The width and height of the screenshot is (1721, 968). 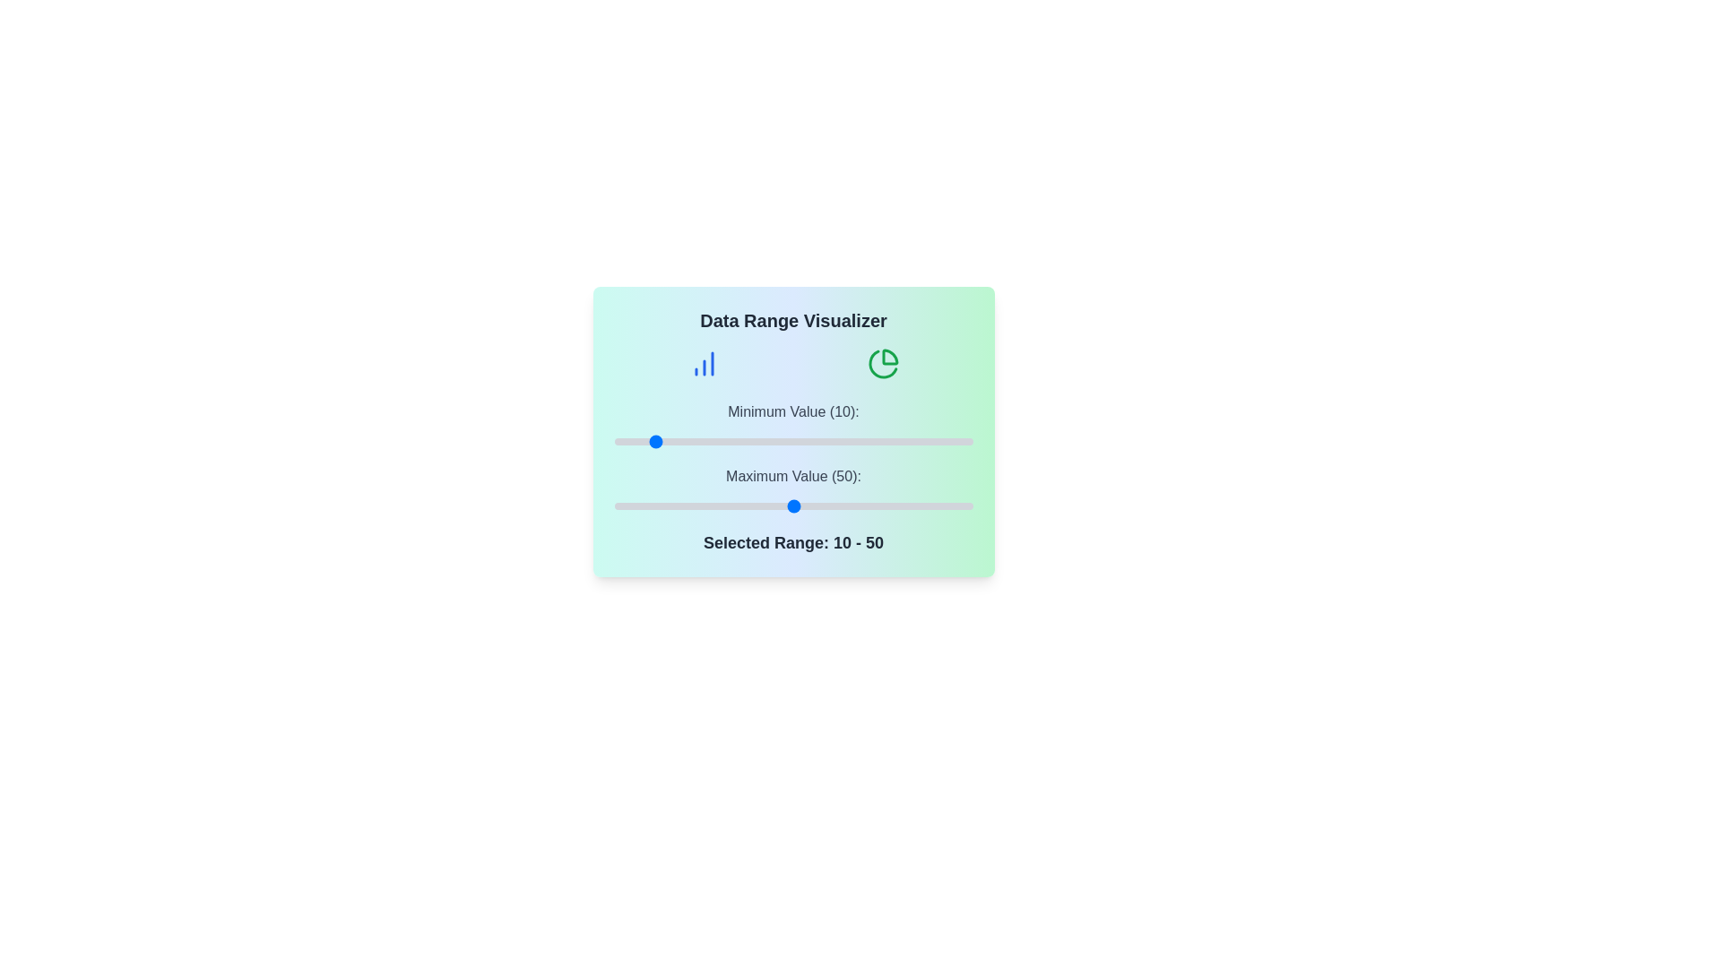 What do you see at coordinates (765, 442) in the screenshot?
I see `the minimum value slider to 42` at bounding box center [765, 442].